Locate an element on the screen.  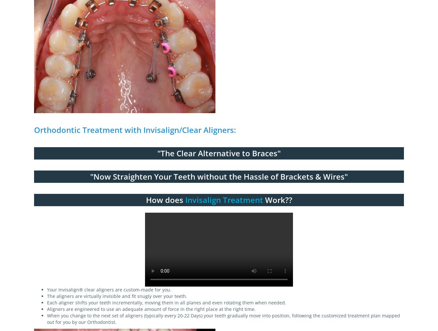
'Orthodontic Treatment with Invisalign/Clear Aligners:' is located at coordinates (135, 129).